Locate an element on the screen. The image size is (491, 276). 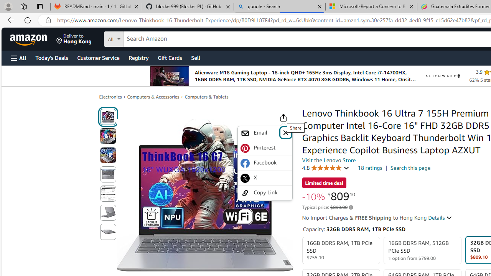
'Facebook' is located at coordinates (265, 163).